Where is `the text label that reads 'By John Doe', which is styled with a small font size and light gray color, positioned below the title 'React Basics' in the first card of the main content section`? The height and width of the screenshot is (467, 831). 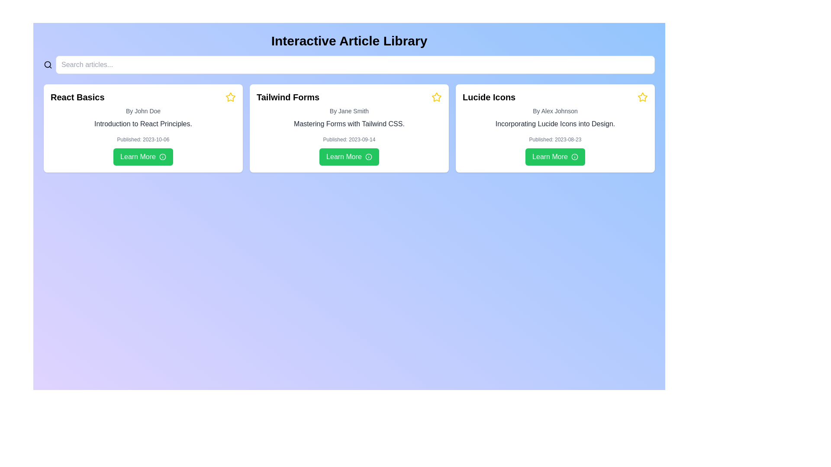
the text label that reads 'By John Doe', which is styled with a small font size and light gray color, positioned below the title 'React Basics' in the first card of the main content section is located at coordinates (143, 111).